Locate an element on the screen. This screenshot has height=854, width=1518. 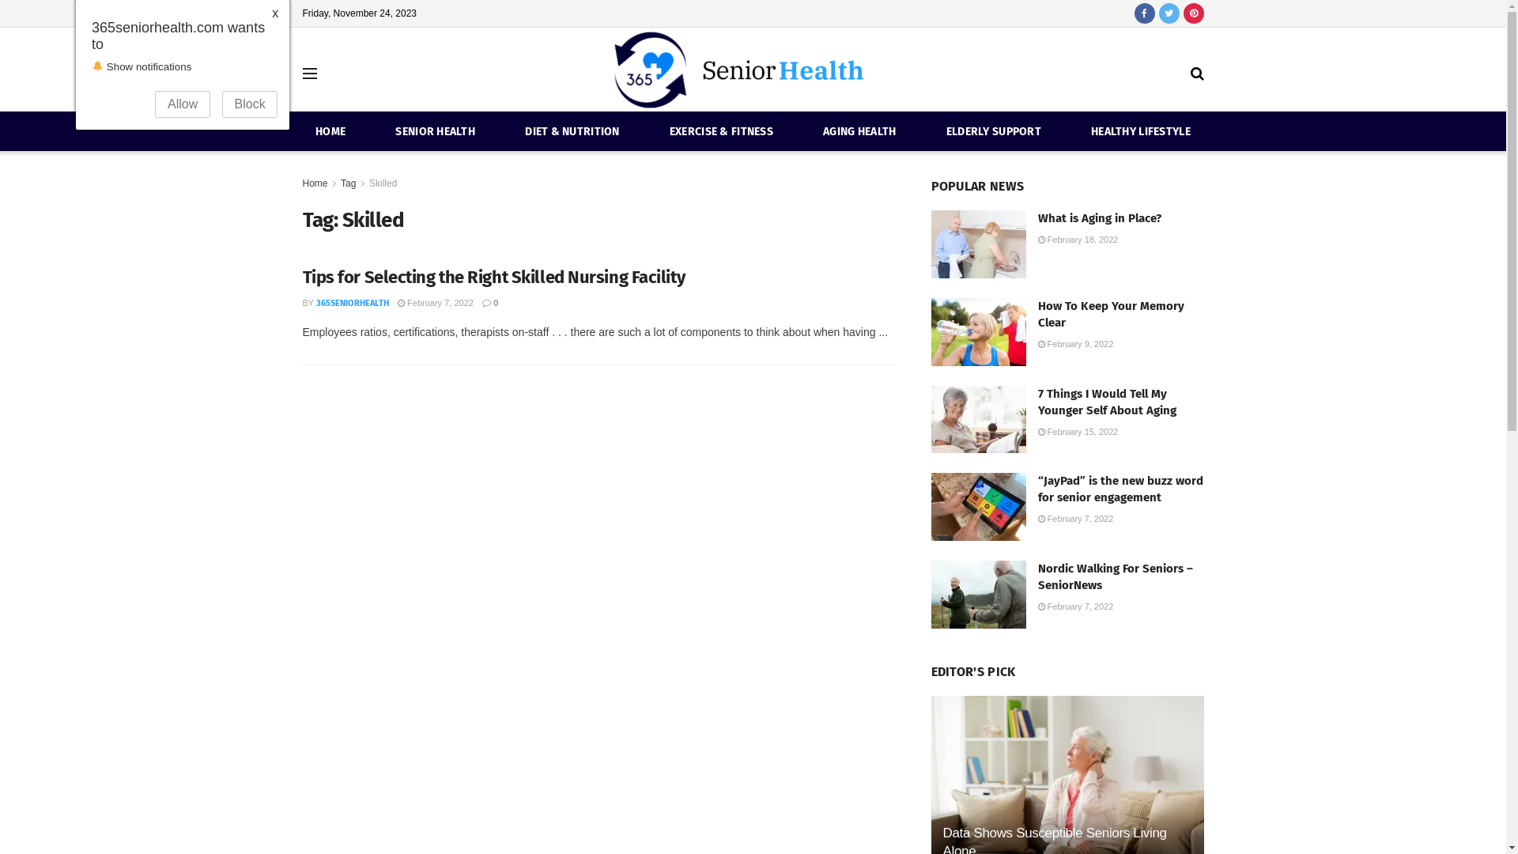
'0' is located at coordinates (489, 303).